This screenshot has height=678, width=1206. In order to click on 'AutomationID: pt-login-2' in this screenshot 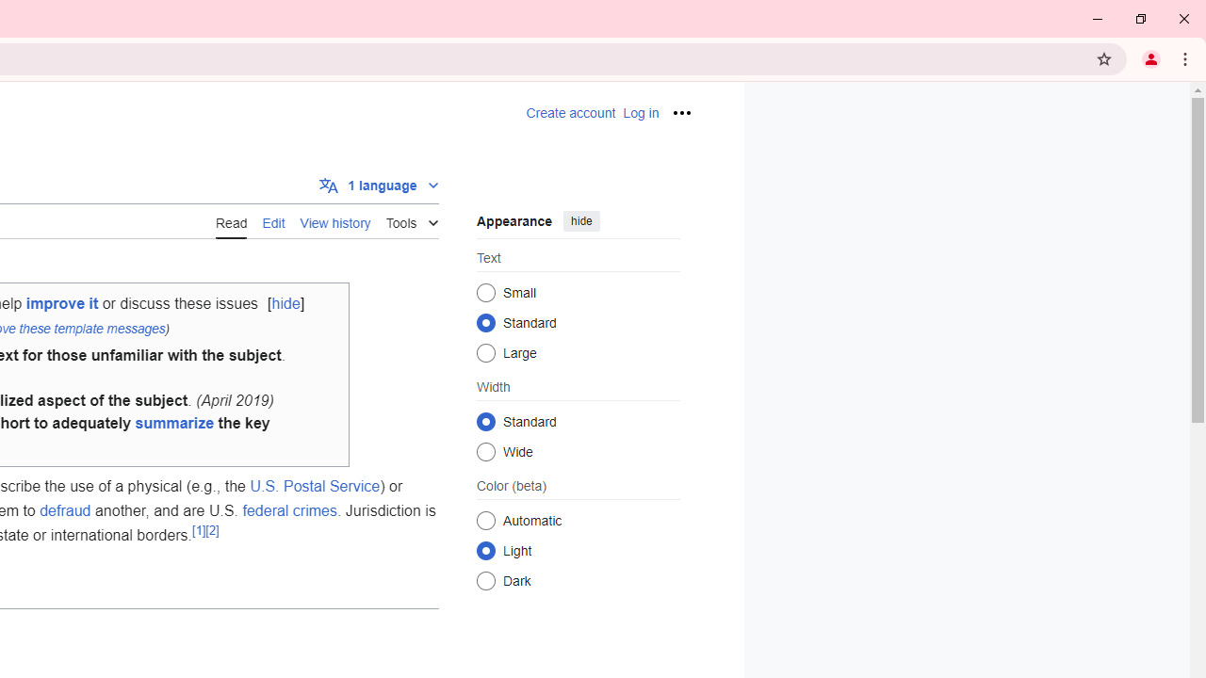, I will do `click(641, 113)`.